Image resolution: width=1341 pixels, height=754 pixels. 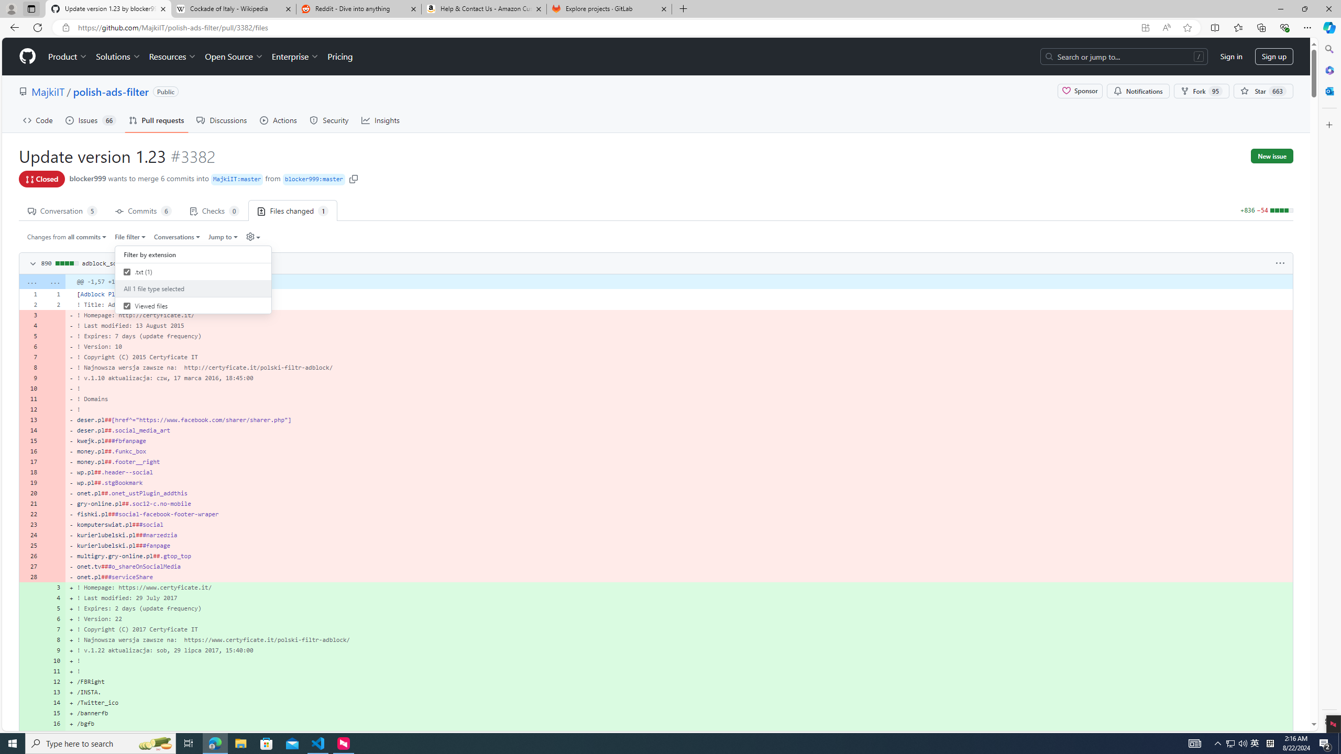 What do you see at coordinates (380, 120) in the screenshot?
I see `'Insights'` at bounding box center [380, 120].